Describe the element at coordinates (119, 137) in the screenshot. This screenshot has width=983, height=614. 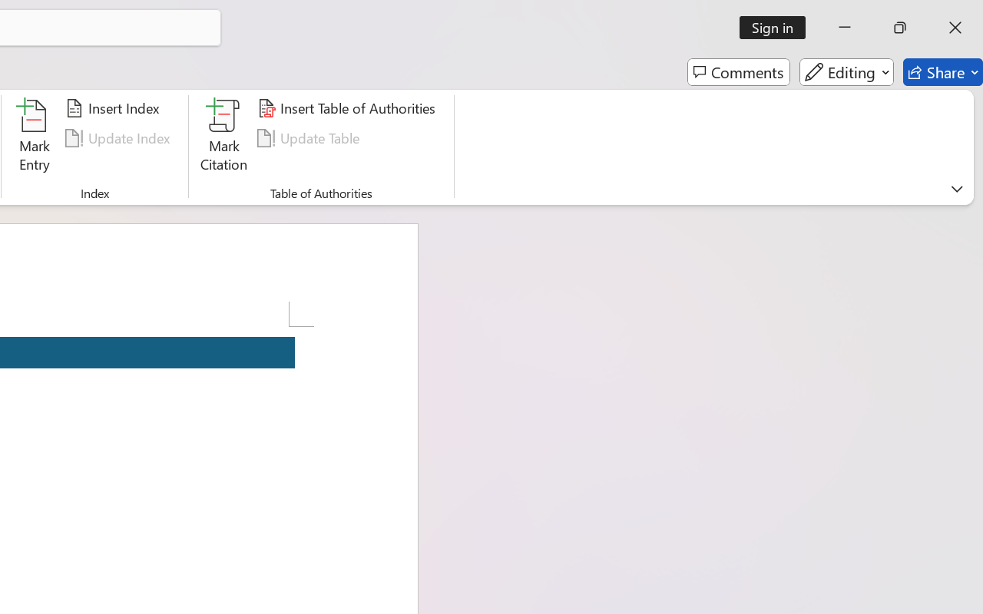
I see `'Update Index'` at that location.